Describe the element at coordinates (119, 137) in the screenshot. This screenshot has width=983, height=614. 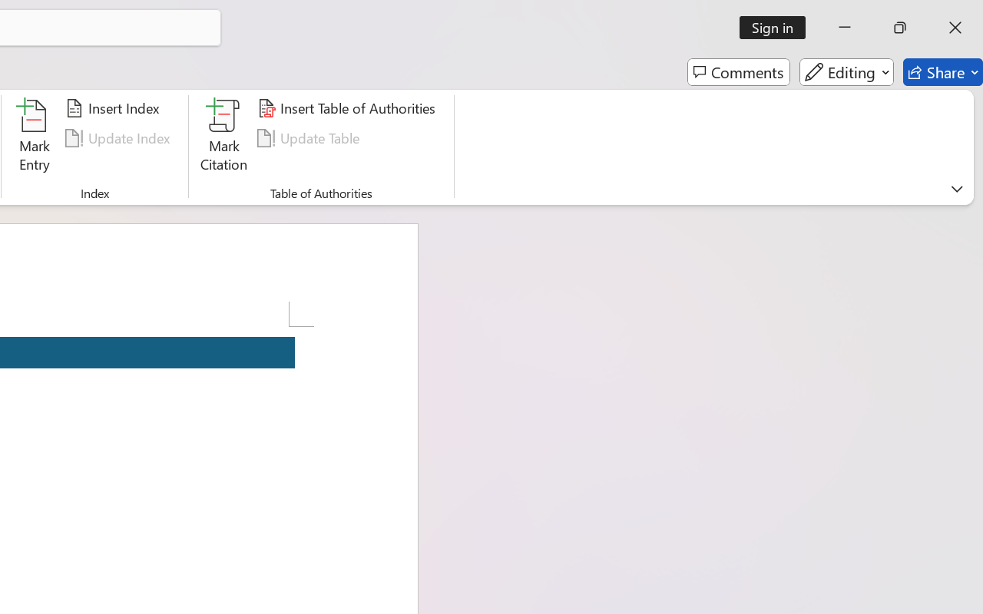
I see `'Update Index'` at that location.